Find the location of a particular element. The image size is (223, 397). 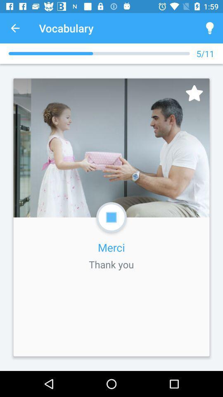

the icon next to vocabulary item is located at coordinates (15, 28).